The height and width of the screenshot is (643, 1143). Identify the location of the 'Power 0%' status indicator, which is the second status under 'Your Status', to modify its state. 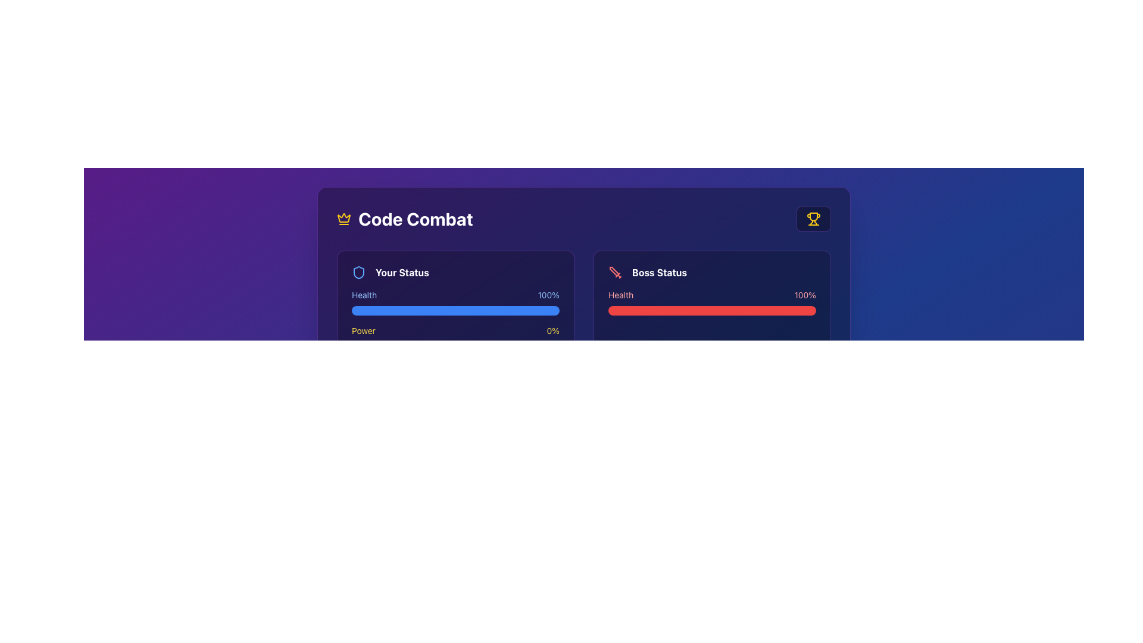
(455, 338).